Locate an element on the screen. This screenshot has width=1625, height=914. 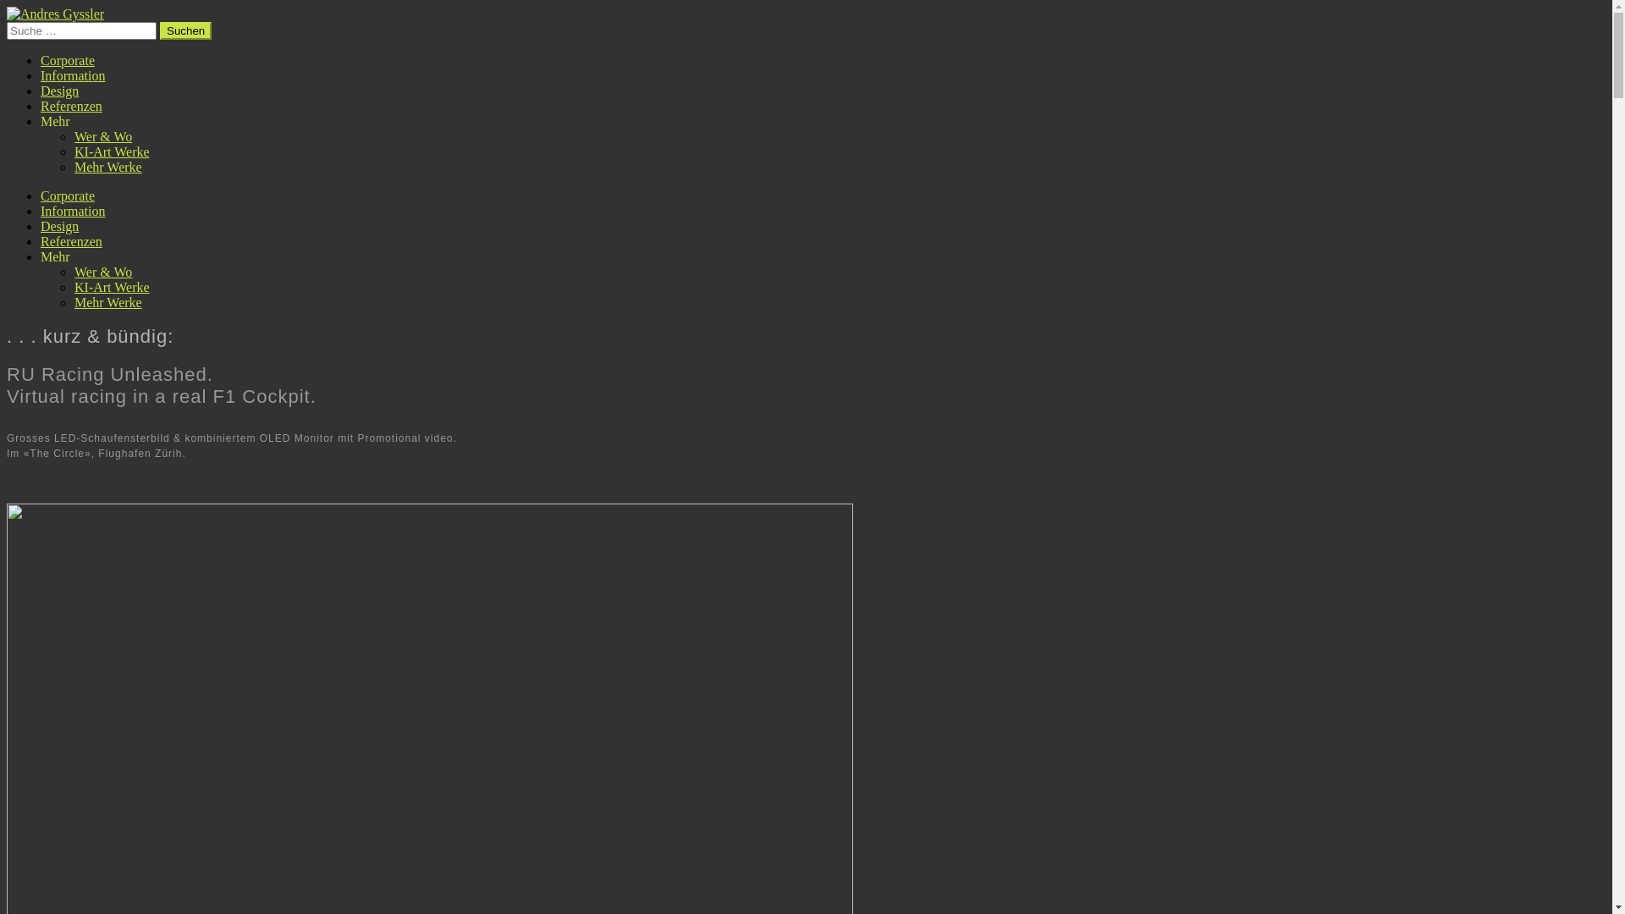
'Information' is located at coordinates (72, 210).